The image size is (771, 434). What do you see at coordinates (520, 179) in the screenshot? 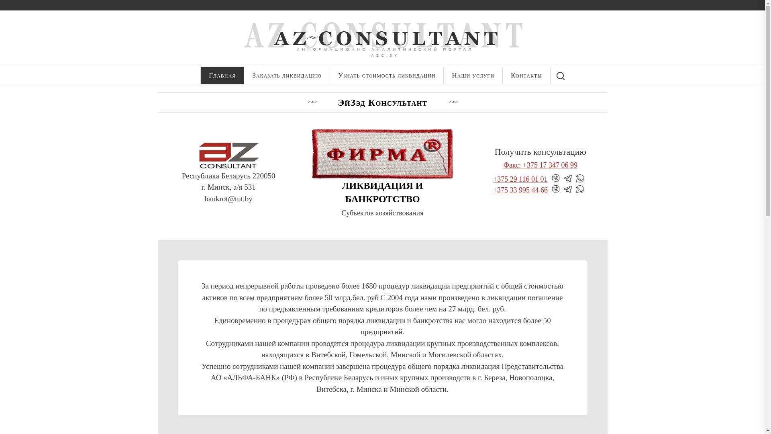
I see `'+375 29 116 01 01'` at bounding box center [520, 179].